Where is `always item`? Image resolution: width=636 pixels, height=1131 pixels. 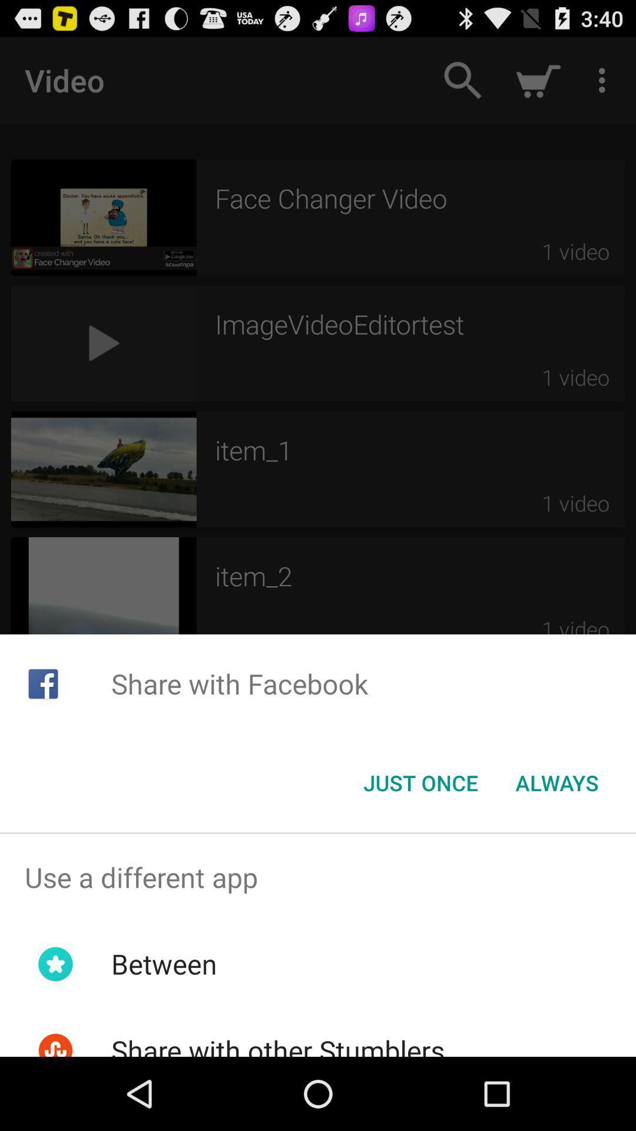 always item is located at coordinates (556, 783).